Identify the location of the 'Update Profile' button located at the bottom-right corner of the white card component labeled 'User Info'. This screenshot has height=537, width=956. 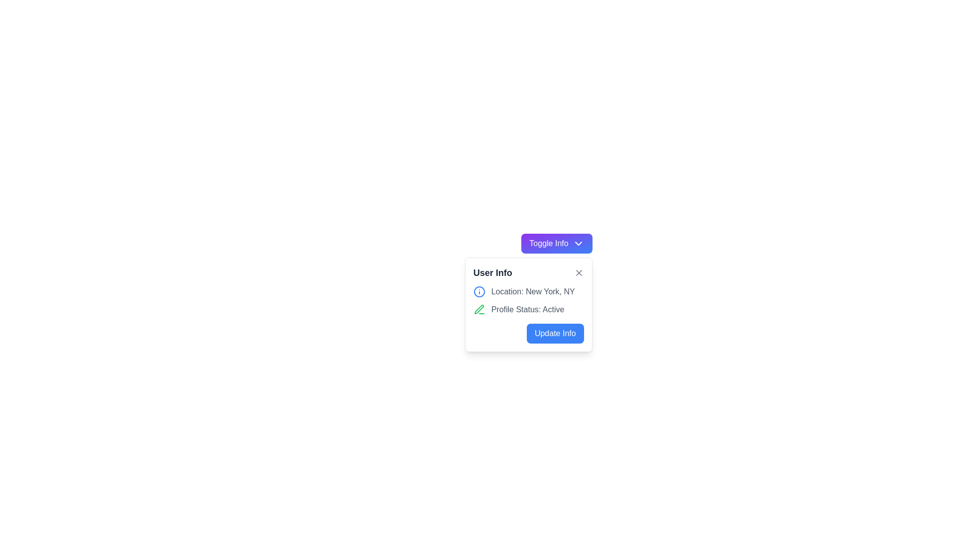
(554, 334).